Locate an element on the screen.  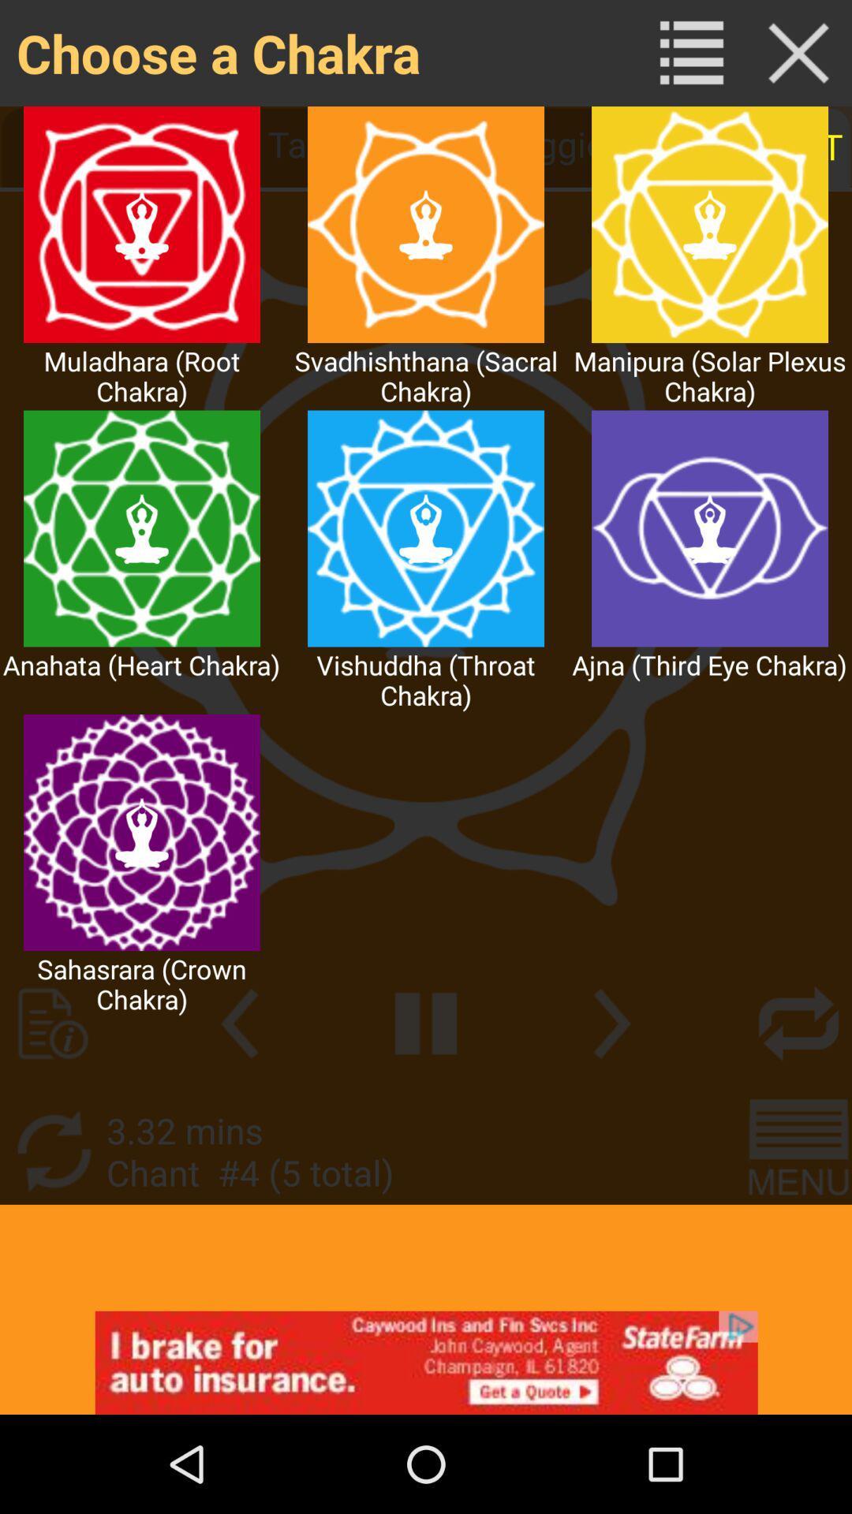
the list icon is located at coordinates (691, 57).